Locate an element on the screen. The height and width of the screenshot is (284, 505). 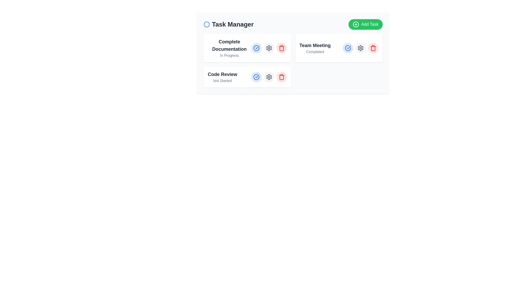
the settings button located between the circle-check icon and the trash can icon is located at coordinates (360, 48).